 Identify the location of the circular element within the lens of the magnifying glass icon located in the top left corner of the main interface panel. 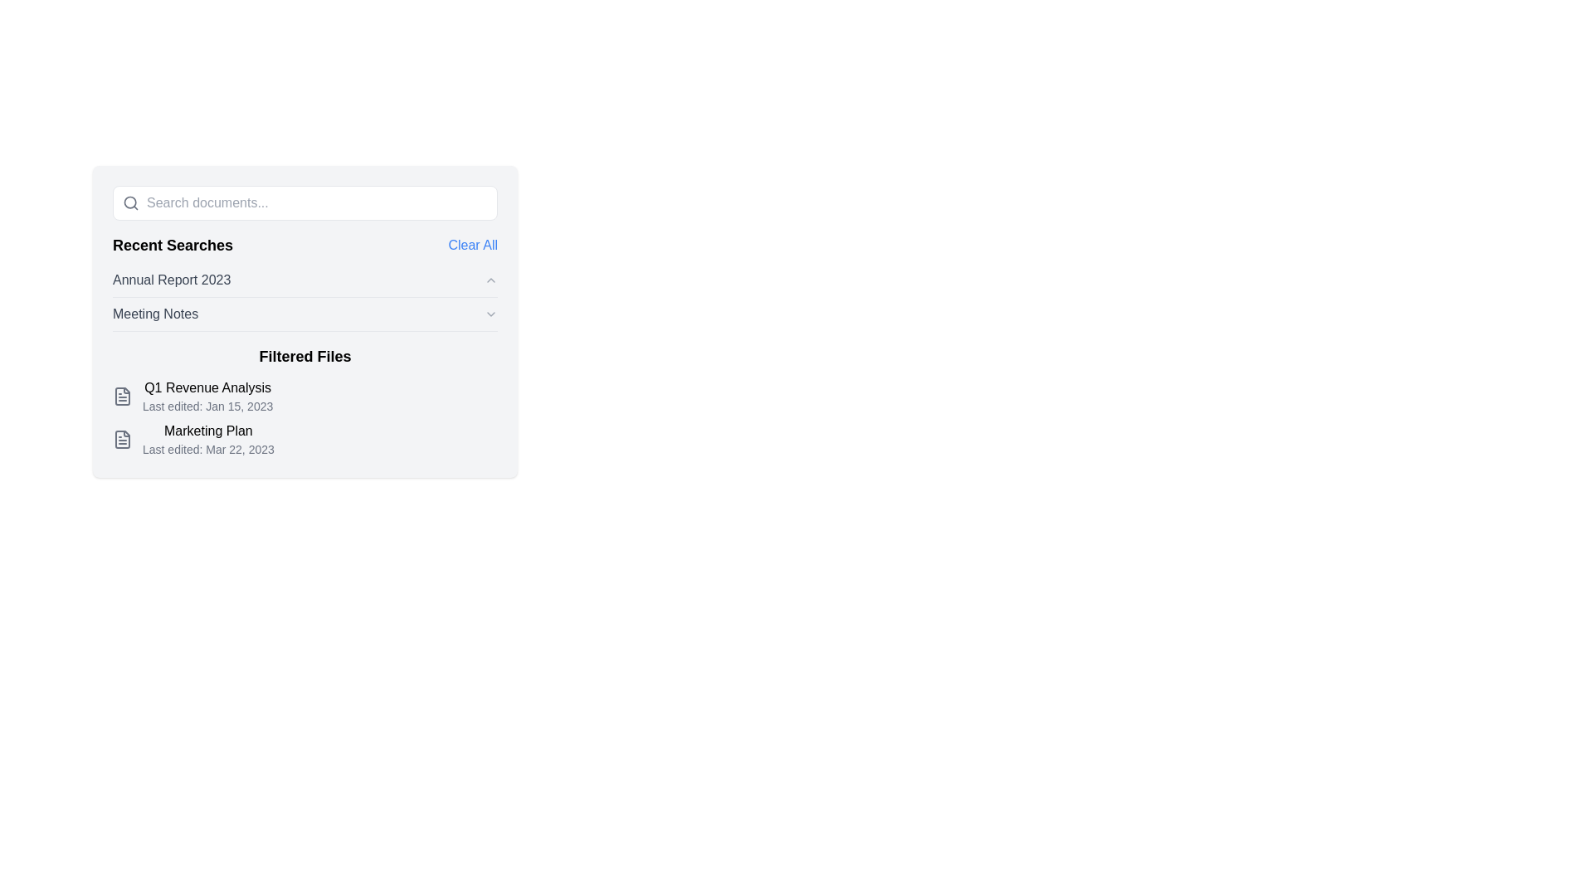
(129, 202).